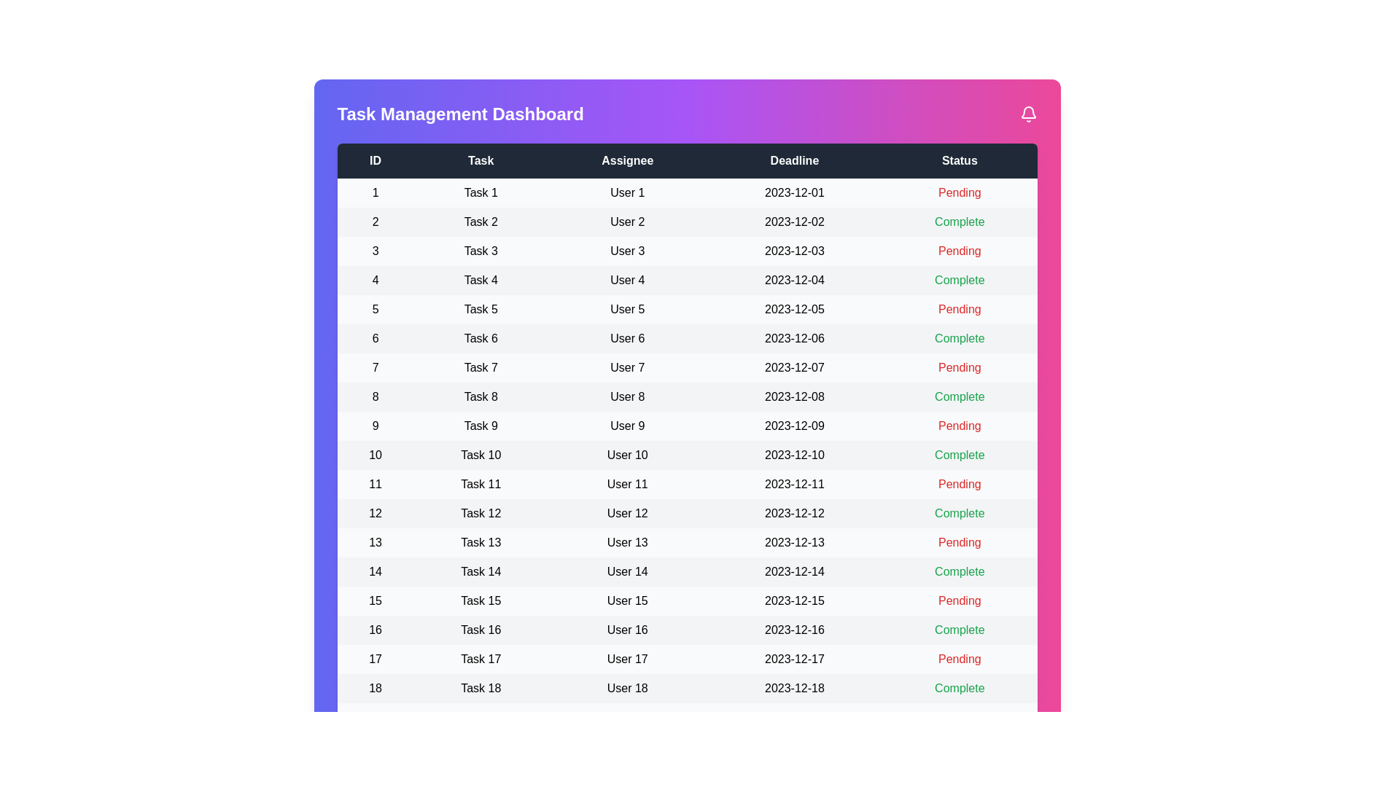  What do you see at coordinates (627, 160) in the screenshot?
I see `the column header labeled 'Assignee' to sort the table by that column` at bounding box center [627, 160].